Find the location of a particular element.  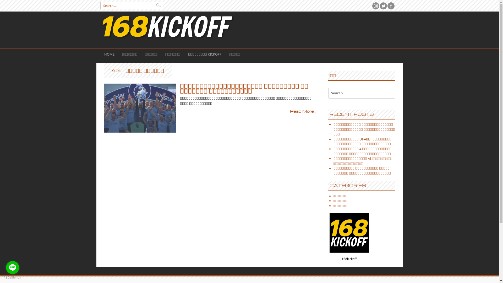

'HOME' is located at coordinates (109, 54).